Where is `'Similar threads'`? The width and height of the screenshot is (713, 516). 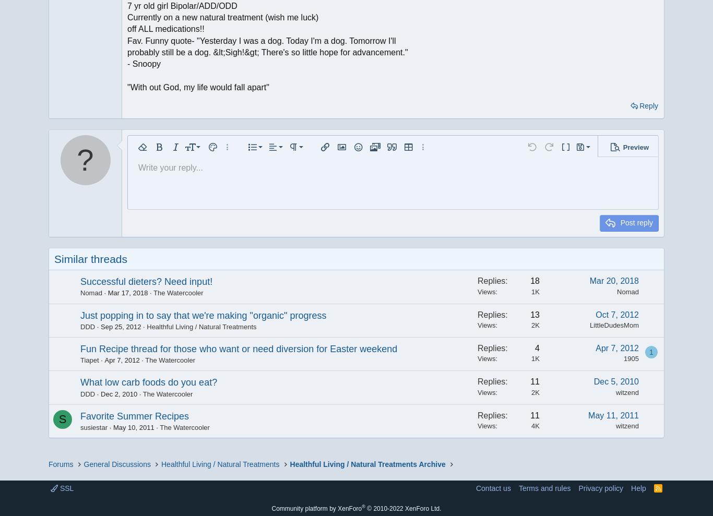
'Similar threads' is located at coordinates (90, 258).